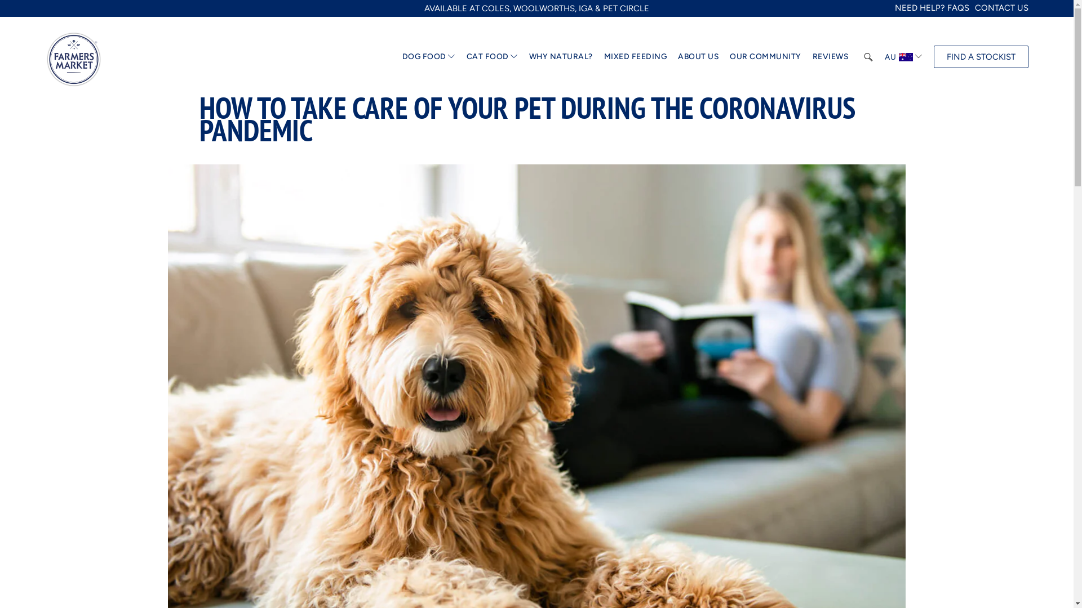 The image size is (1082, 608). Describe the element at coordinates (636, 56) in the screenshot. I see `'MIXED FEEDING'` at that location.